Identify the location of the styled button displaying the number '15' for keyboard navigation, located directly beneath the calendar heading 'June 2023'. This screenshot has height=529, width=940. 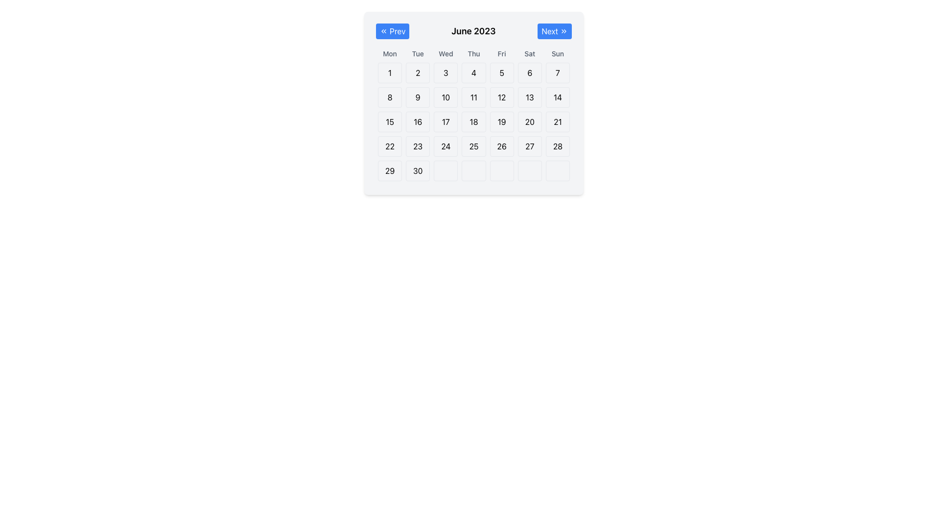
(389, 121).